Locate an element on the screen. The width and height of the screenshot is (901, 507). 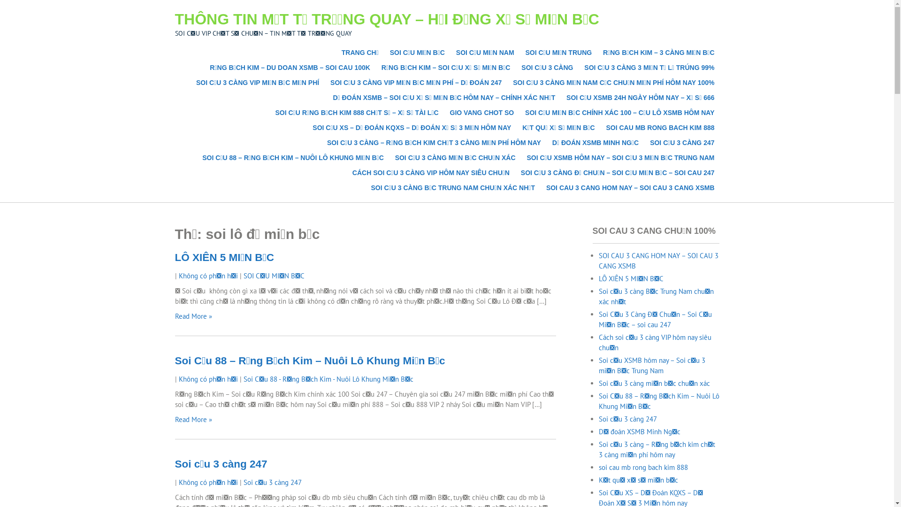
'GIO VANG CHOT SO' is located at coordinates (482, 112).